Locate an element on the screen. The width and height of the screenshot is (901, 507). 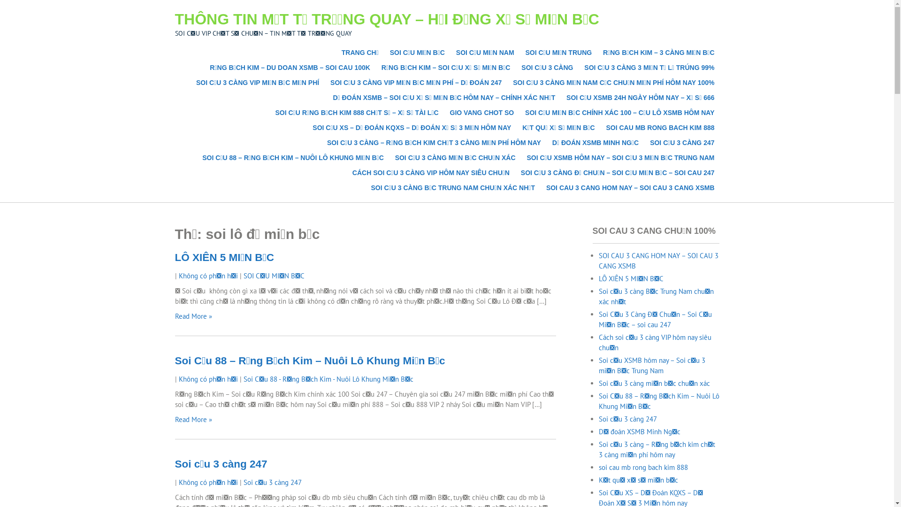
'GIO VANG CHOT SO' is located at coordinates (482, 112).